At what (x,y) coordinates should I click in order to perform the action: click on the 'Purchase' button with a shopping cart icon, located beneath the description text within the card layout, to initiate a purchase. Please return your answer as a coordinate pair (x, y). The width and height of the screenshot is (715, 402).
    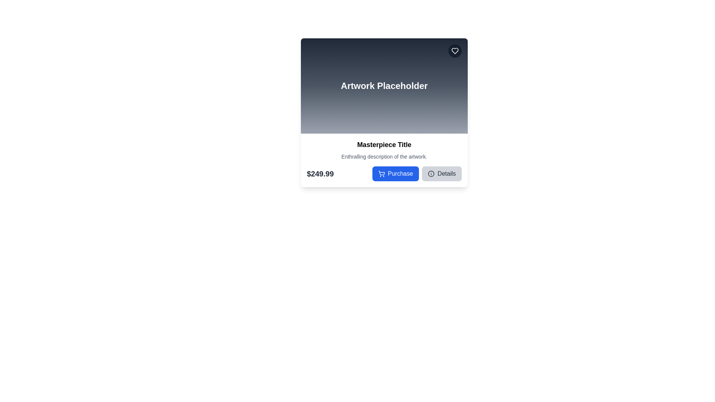
    Looking at the image, I should click on (384, 173).